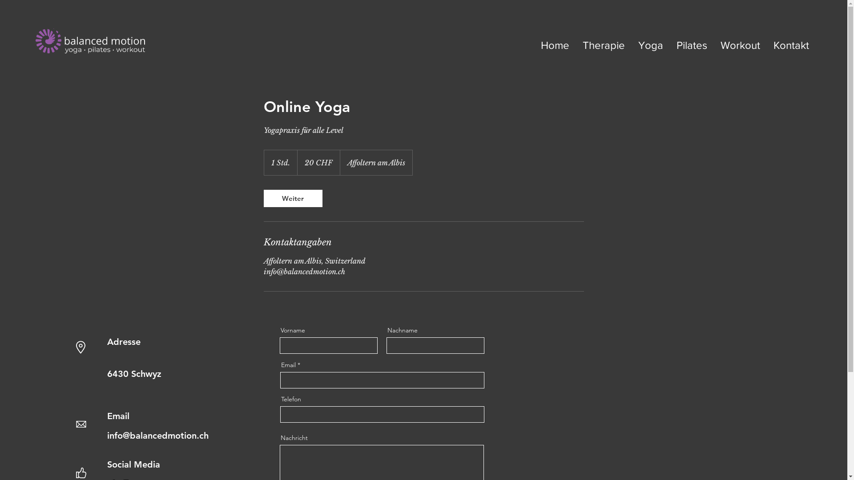 This screenshot has width=854, height=480. What do you see at coordinates (791, 45) in the screenshot?
I see `'Kontakt'` at bounding box center [791, 45].